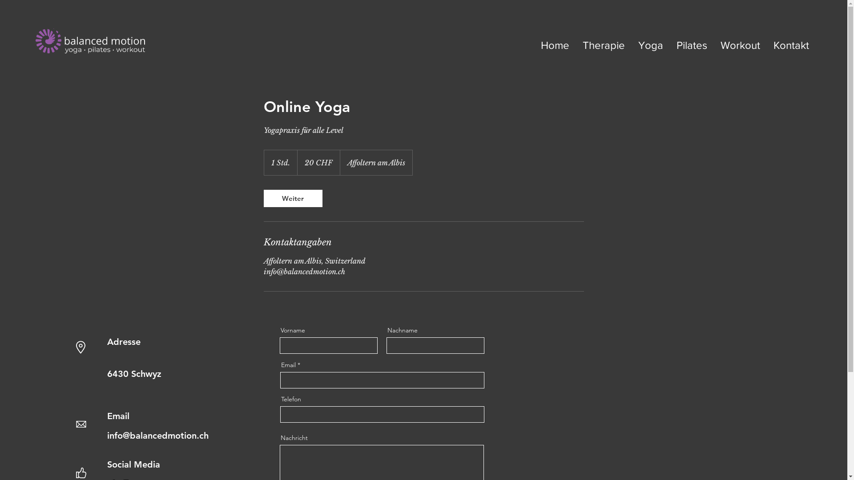 This screenshot has width=854, height=480. What do you see at coordinates (791, 45) in the screenshot?
I see `'Kontakt'` at bounding box center [791, 45].